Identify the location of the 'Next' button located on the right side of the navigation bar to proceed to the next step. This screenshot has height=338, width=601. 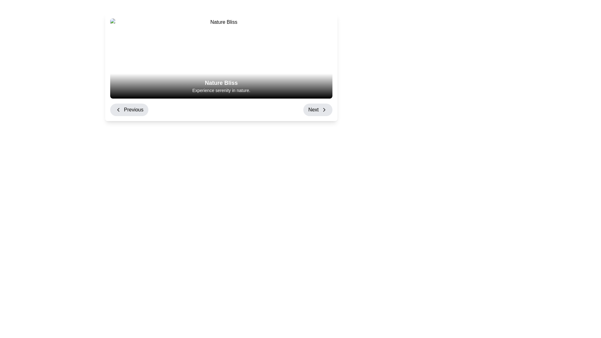
(313, 110).